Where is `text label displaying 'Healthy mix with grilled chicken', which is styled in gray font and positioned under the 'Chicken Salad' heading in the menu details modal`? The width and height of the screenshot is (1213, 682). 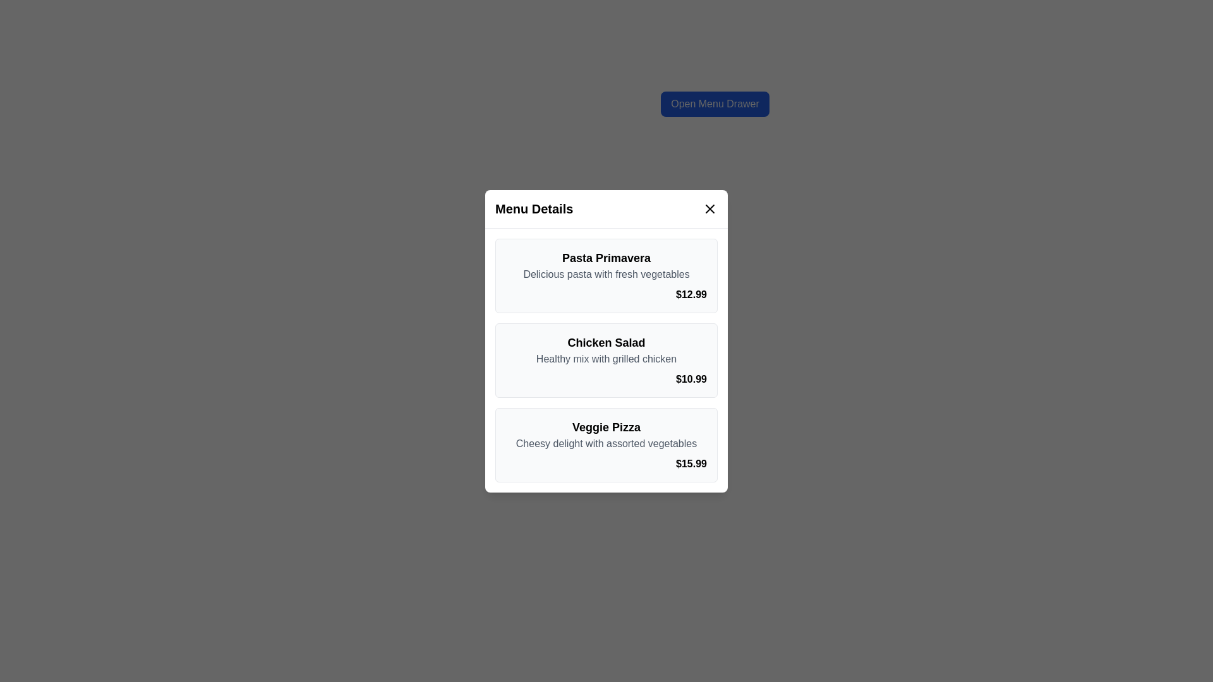 text label displaying 'Healthy mix with grilled chicken', which is styled in gray font and positioned under the 'Chicken Salad' heading in the menu details modal is located at coordinates (606, 359).